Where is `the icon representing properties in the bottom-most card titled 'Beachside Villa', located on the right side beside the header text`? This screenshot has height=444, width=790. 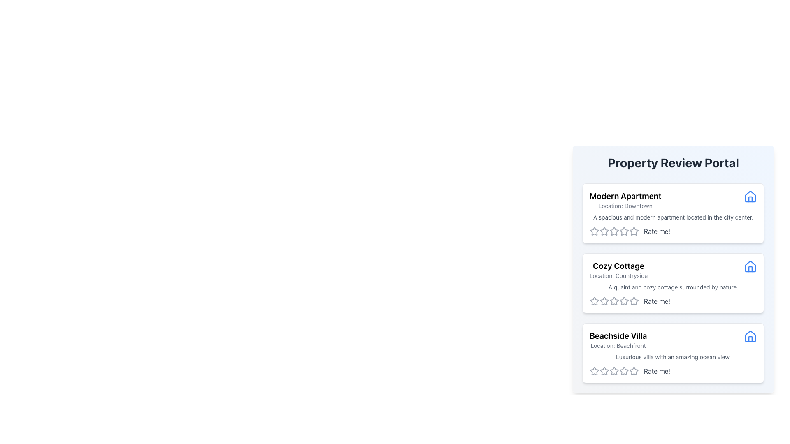
the icon representing properties in the bottom-most card titled 'Beachside Villa', located on the right side beside the header text is located at coordinates (750, 336).